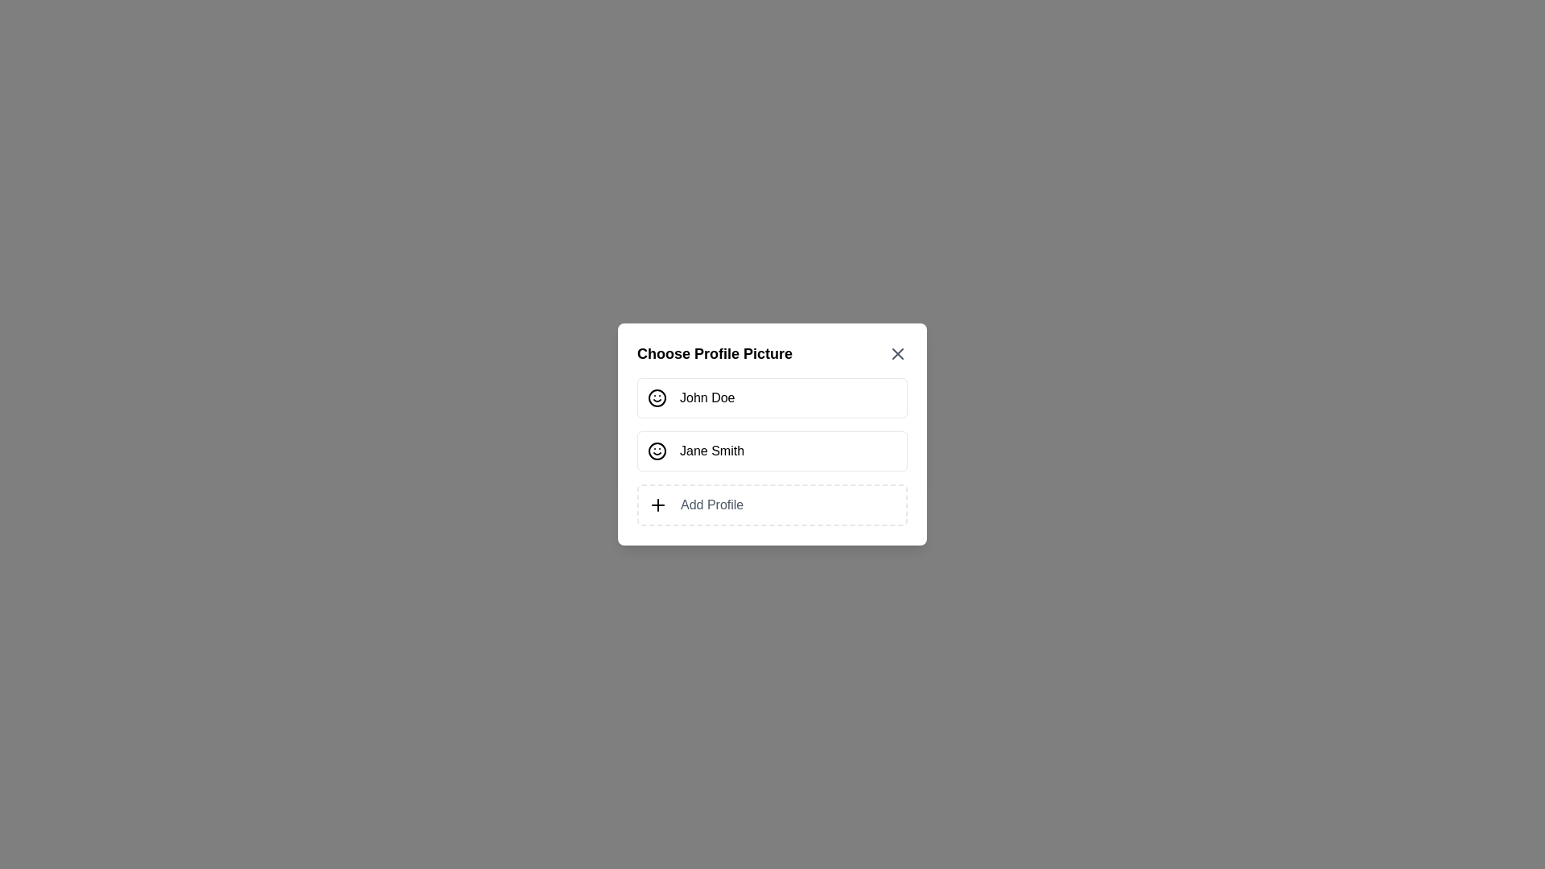 The width and height of the screenshot is (1545, 869). What do you see at coordinates (772, 505) in the screenshot?
I see `the 'Add Profile' card to initiate adding a new profile` at bounding box center [772, 505].